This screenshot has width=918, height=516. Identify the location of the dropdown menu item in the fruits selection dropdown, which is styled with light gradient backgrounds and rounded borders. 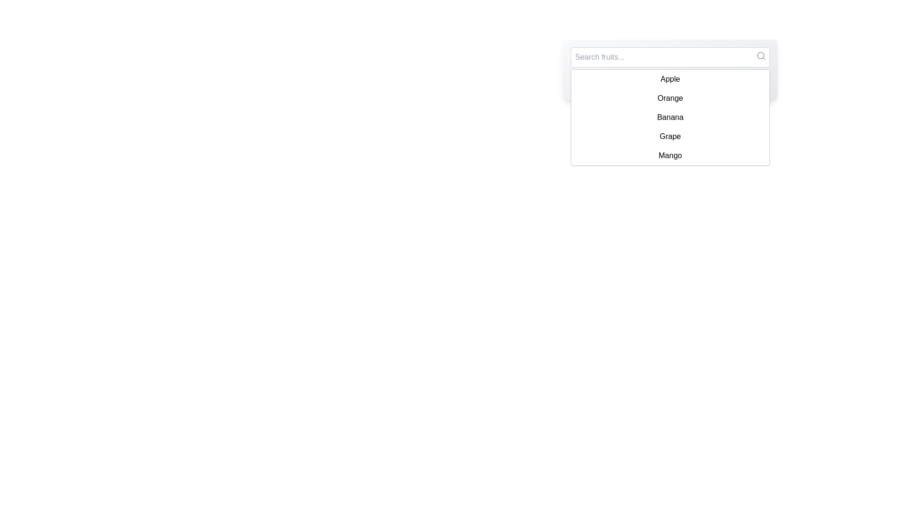
(669, 69).